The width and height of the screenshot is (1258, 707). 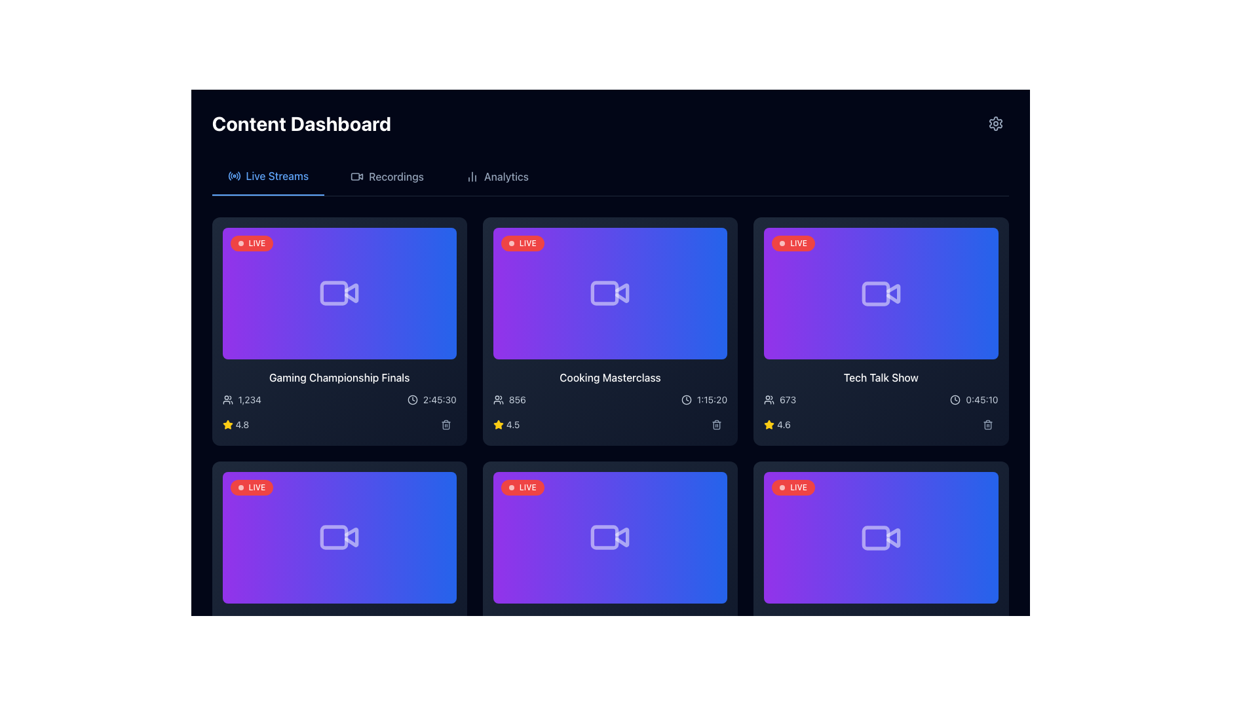 What do you see at coordinates (716, 424) in the screenshot?
I see `the delete button located at the bottom right corner of the 'Cooking Masterclass' video card` at bounding box center [716, 424].